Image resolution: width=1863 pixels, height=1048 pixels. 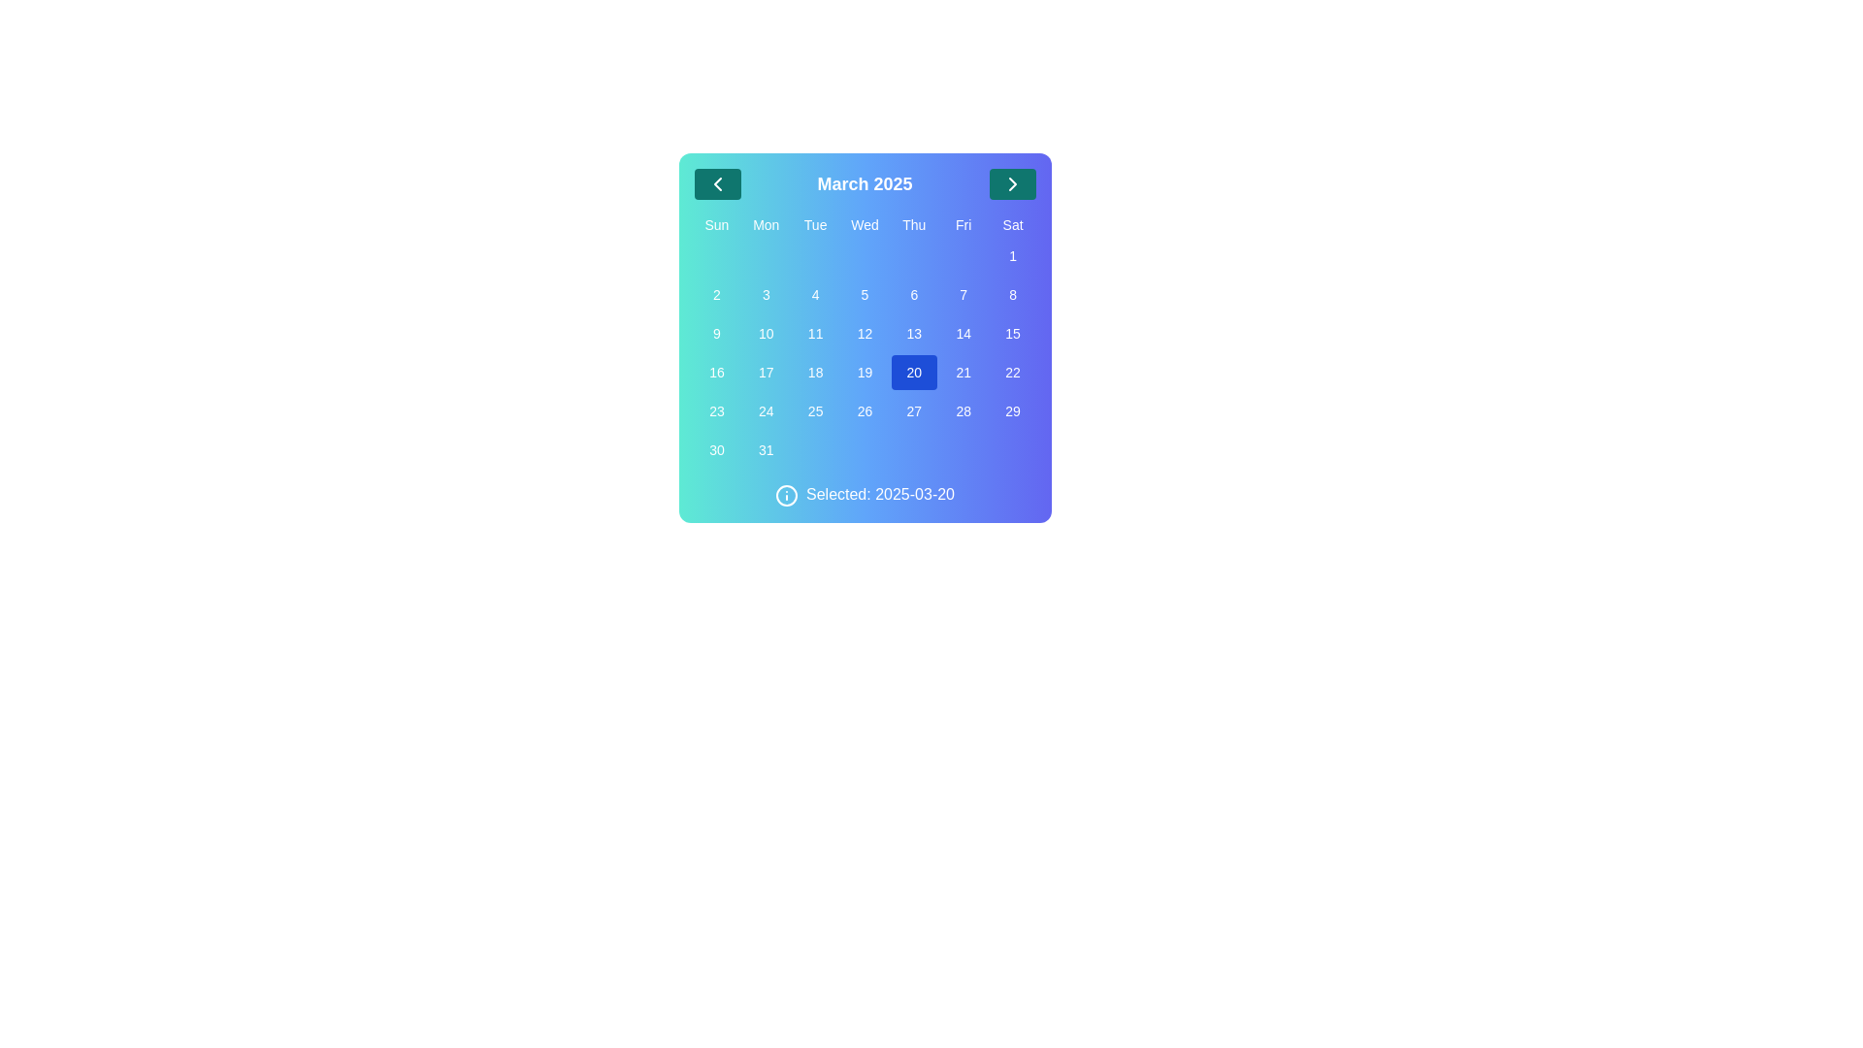 What do you see at coordinates (864, 183) in the screenshot?
I see `the header label indicating the currently displayed month and year in the calendar interface, which is located at the center of the top section of the calendar component` at bounding box center [864, 183].